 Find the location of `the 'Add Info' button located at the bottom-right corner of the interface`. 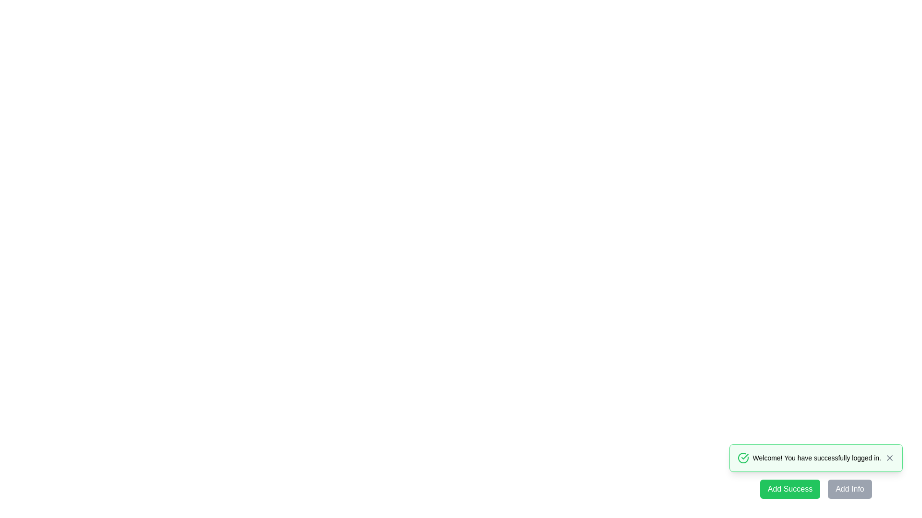

the 'Add Info' button located at the bottom-right corner of the interface is located at coordinates (850, 489).